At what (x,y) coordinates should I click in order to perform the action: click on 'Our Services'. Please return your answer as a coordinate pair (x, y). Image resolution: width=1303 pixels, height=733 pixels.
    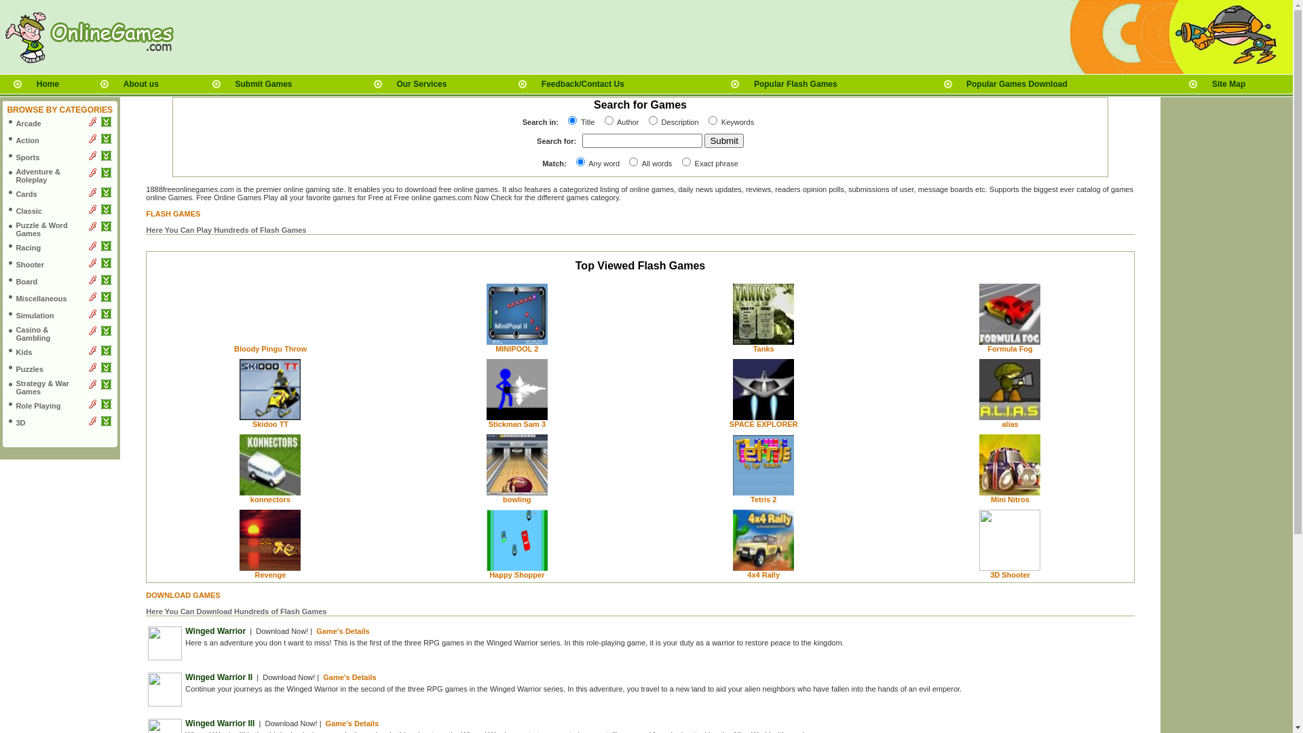
    Looking at the image, I should click on (420, 83).